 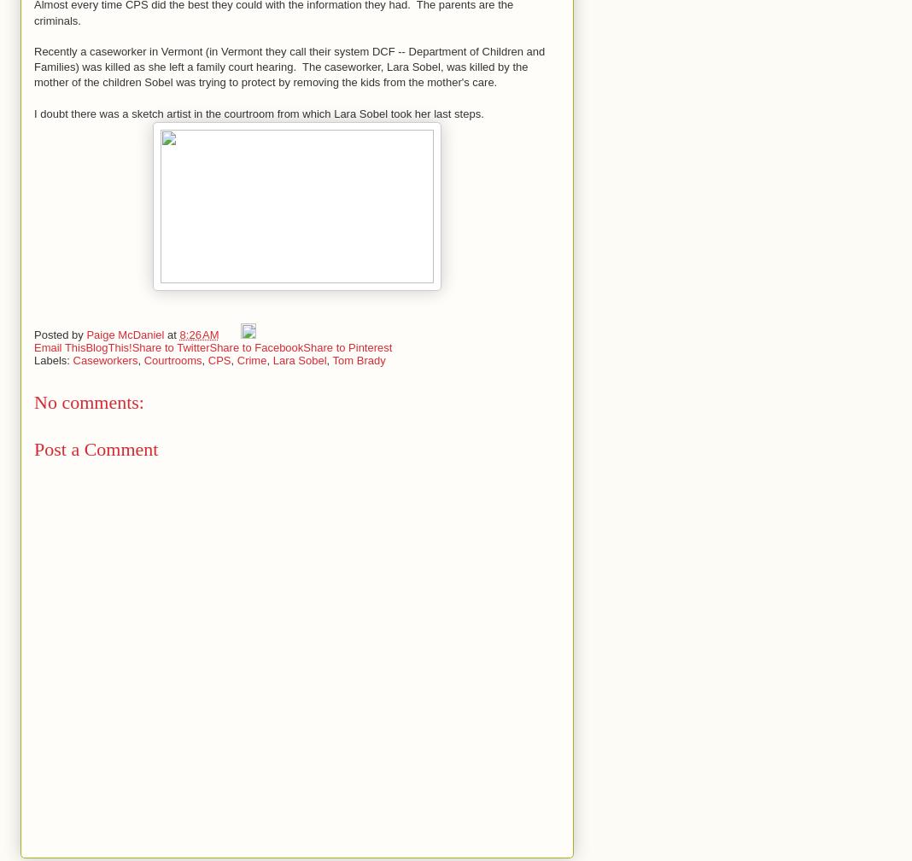 I want to click on 'at', so click(x=167, y=333).